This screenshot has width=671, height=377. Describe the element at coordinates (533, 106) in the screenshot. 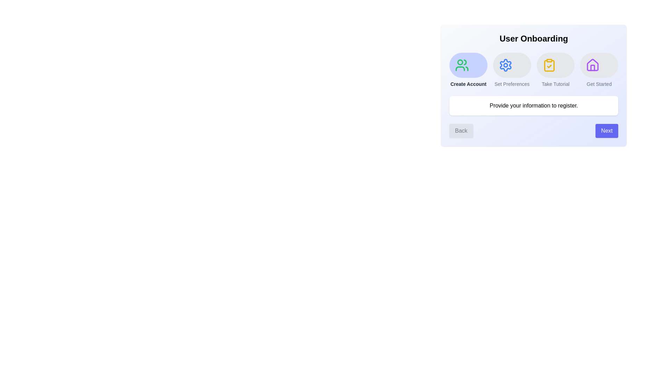

I see `the description text for the current step` at that location.